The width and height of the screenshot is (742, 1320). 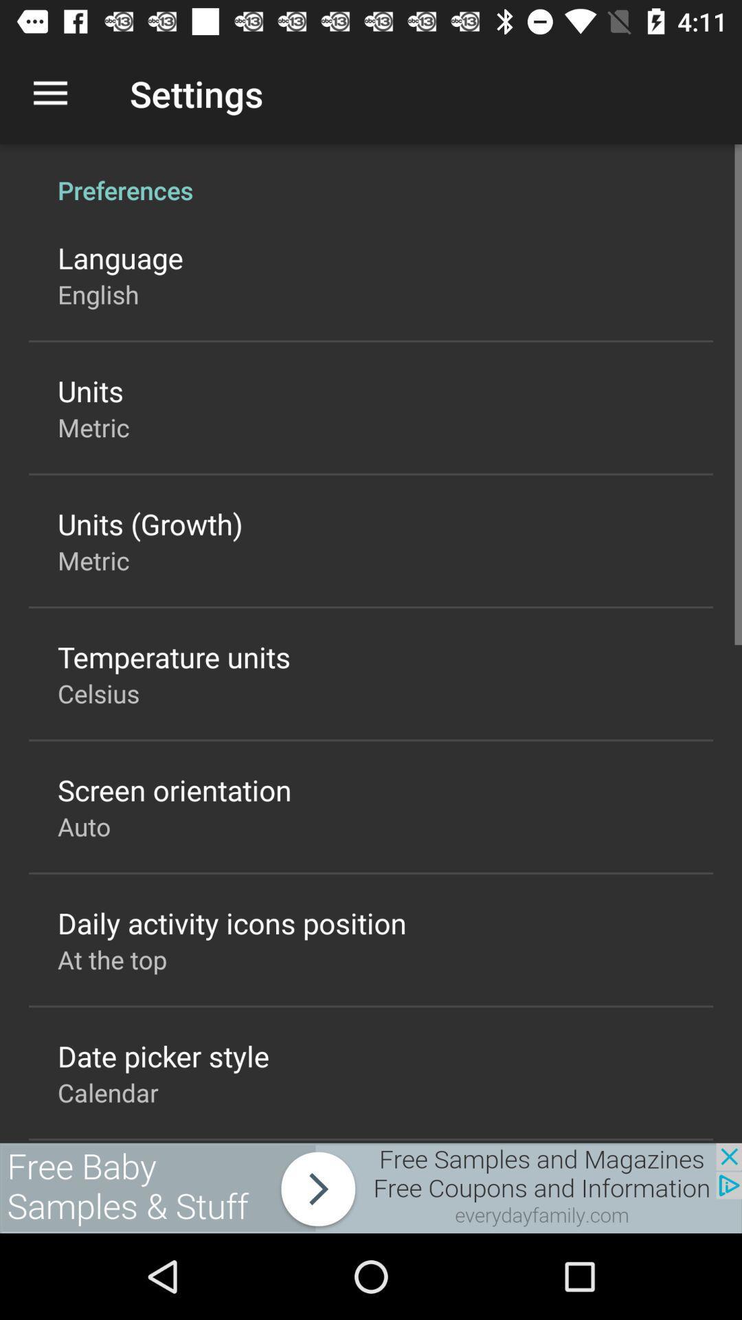 What do you see at coordinates (371, 1187) in the screenshot?
I see `advertisement` at bounding box center [371, 1187].